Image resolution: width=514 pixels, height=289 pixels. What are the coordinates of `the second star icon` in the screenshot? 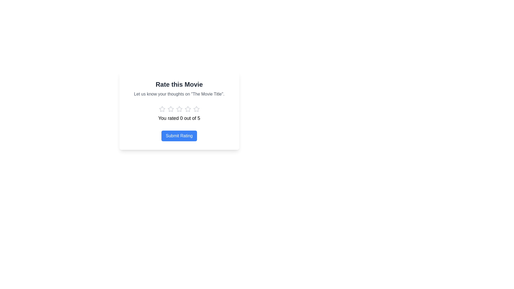 It's located at (179, 109).